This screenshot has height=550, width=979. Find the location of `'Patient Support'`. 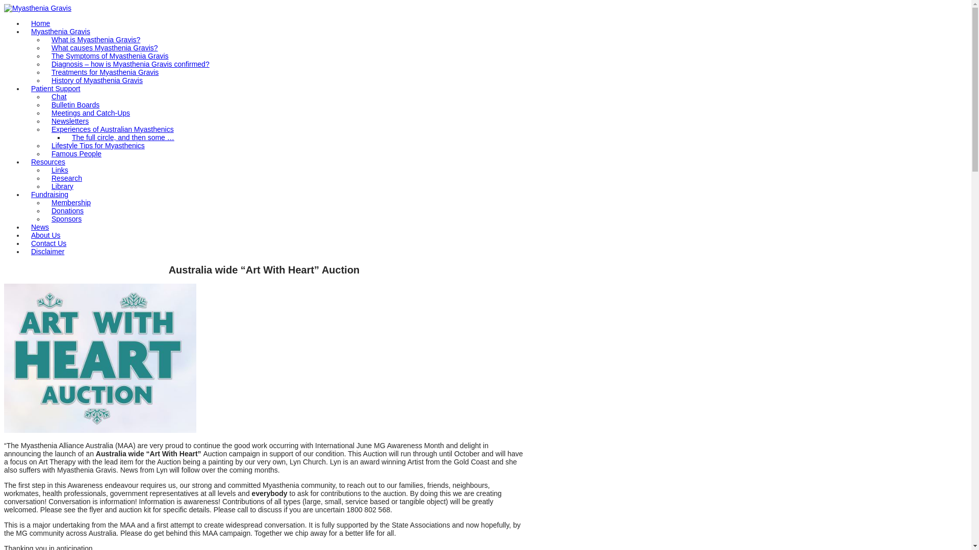

'Patient Support' is located at coordinates (55, 88).